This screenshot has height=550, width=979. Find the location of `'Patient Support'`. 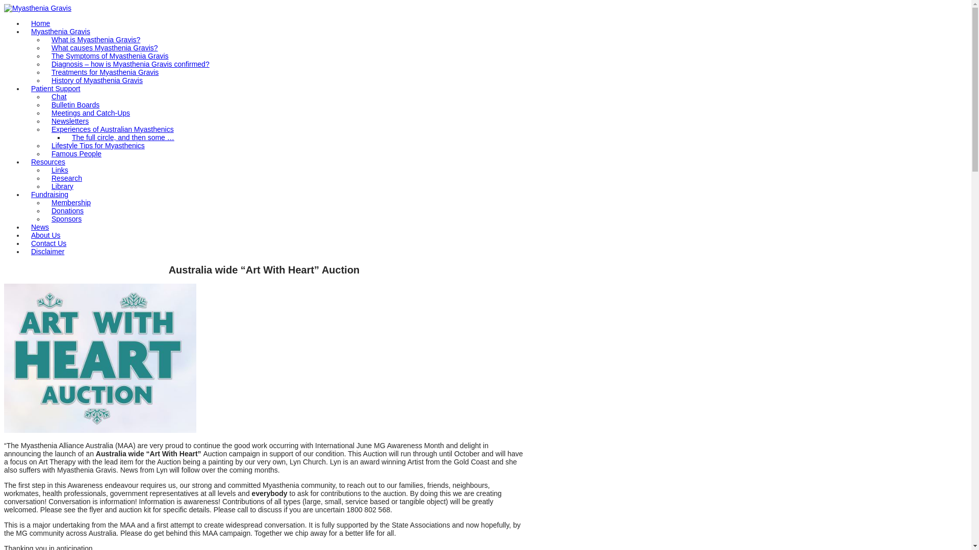

'Patient Support' is located at coordinates (55, 88).